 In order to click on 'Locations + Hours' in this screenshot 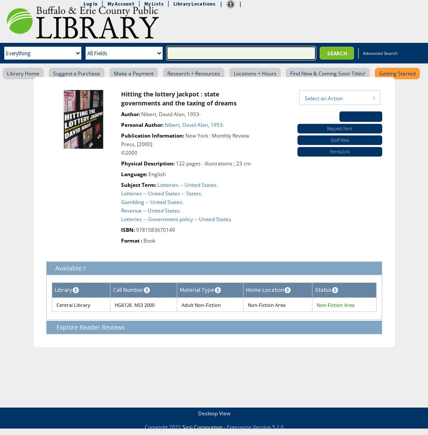, I will do `click(255, 73)`.